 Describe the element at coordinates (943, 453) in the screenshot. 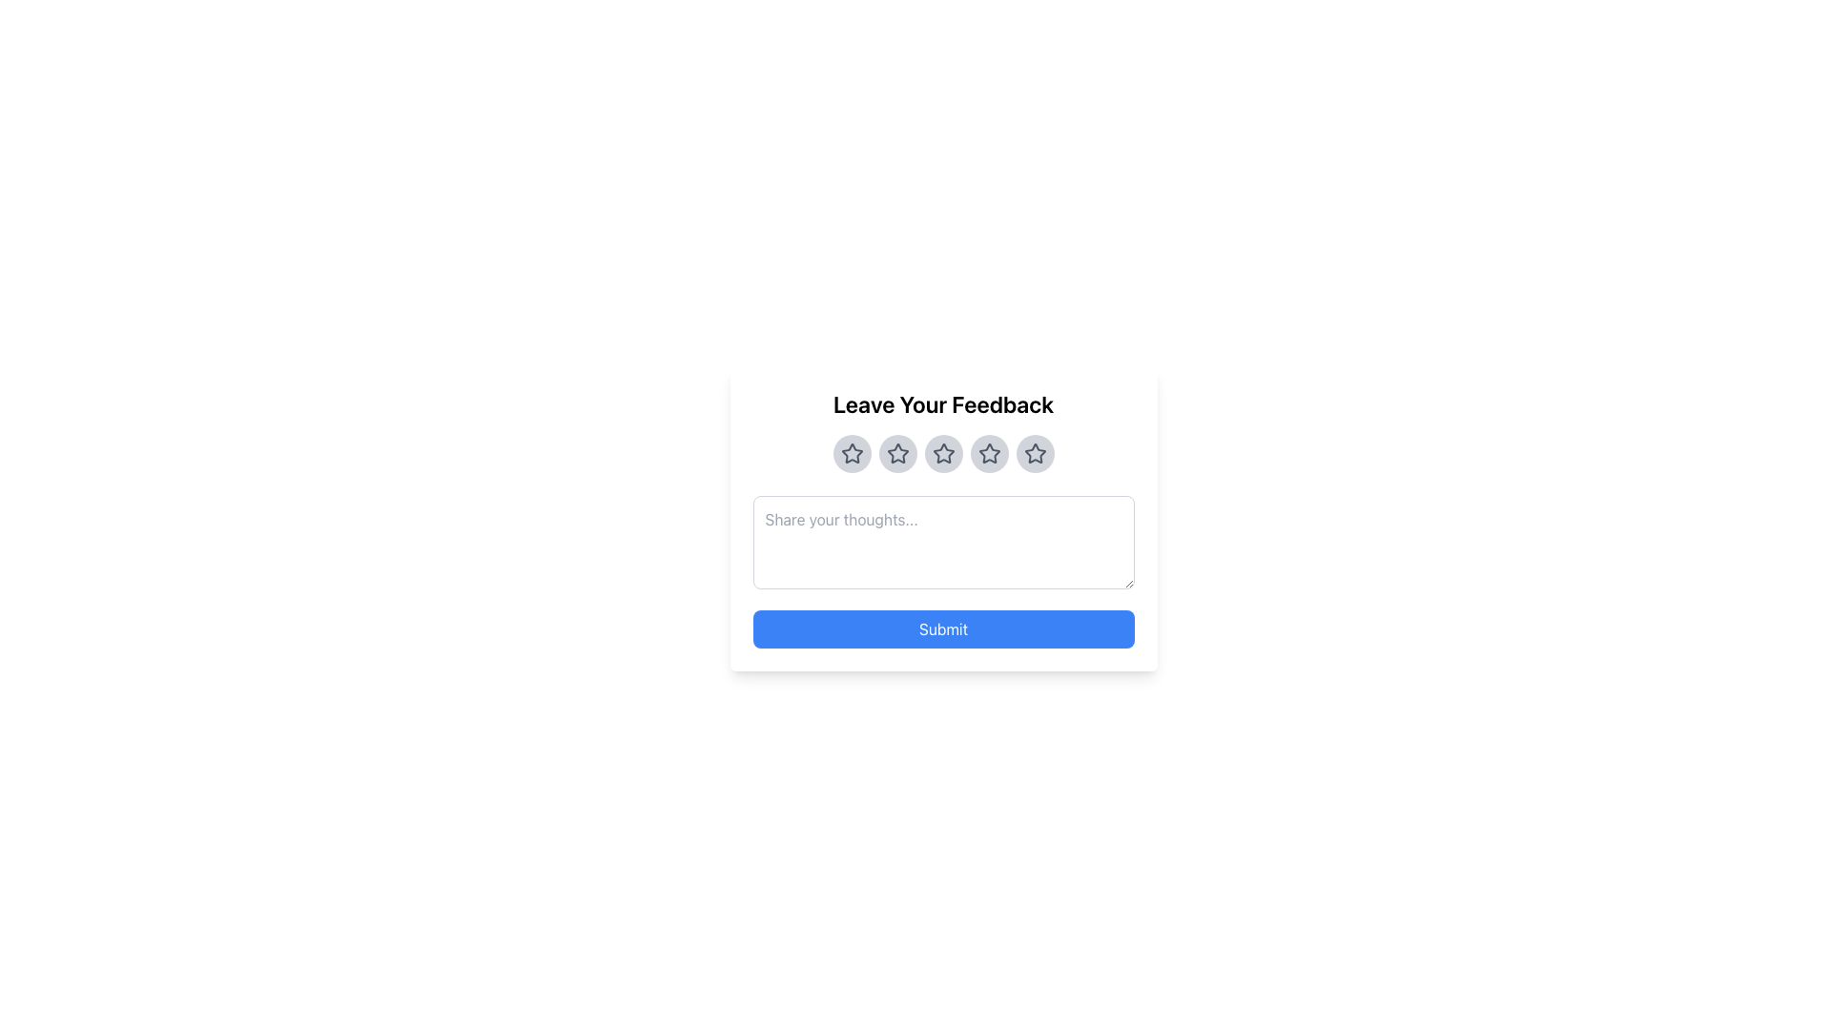

I see `the third star icon` at that location.